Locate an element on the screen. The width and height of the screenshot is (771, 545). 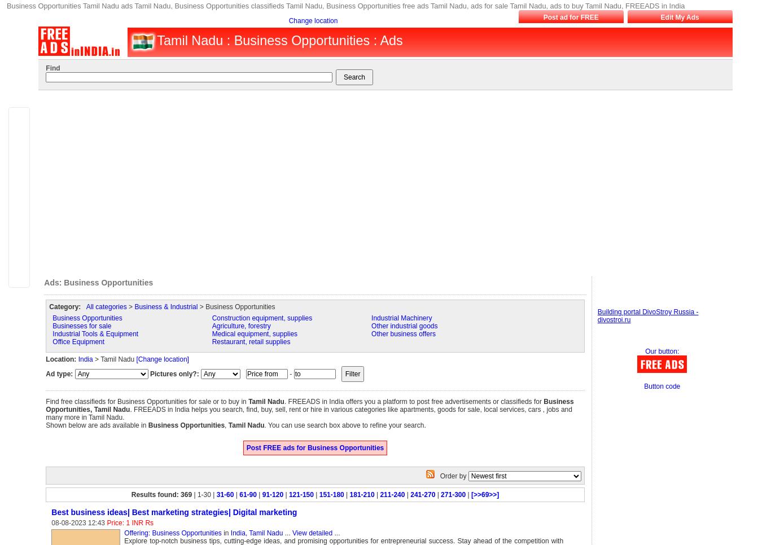
'[Change location]' is located at coordinates (162, 358).